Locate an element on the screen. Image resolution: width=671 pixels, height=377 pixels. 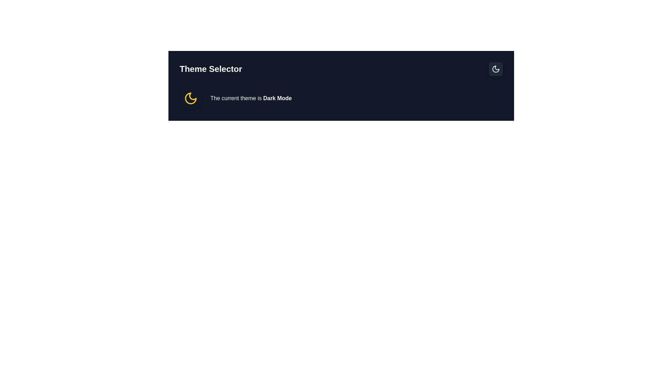
the 'Dark Mode' text label that is part of the sentence displayed on a dark background, which is located at the end of the sentence 'The current theme is Dark Mode' is located at coordinates (277, 98).